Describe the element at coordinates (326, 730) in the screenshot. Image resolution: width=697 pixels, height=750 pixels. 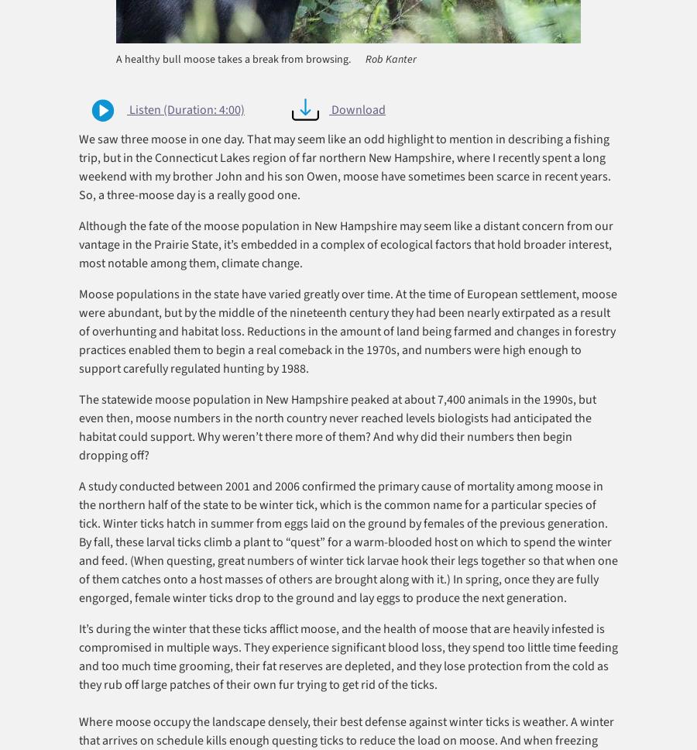
I see `'Accessibility'` at that location.